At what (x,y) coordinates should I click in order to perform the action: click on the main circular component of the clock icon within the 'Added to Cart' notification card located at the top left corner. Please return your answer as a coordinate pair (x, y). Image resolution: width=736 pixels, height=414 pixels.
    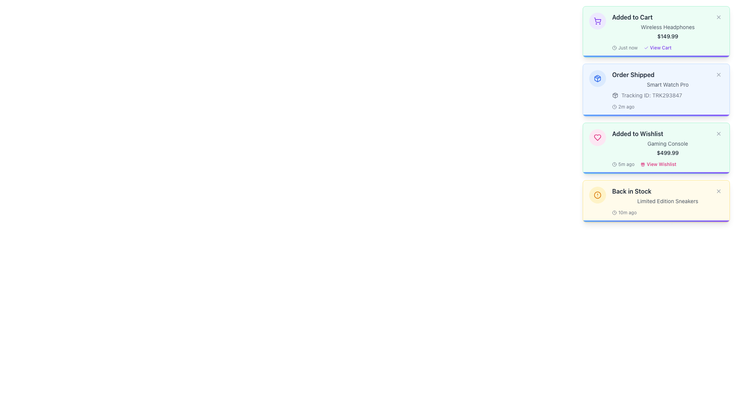
    Looking at the image, I should click on (614, 48).